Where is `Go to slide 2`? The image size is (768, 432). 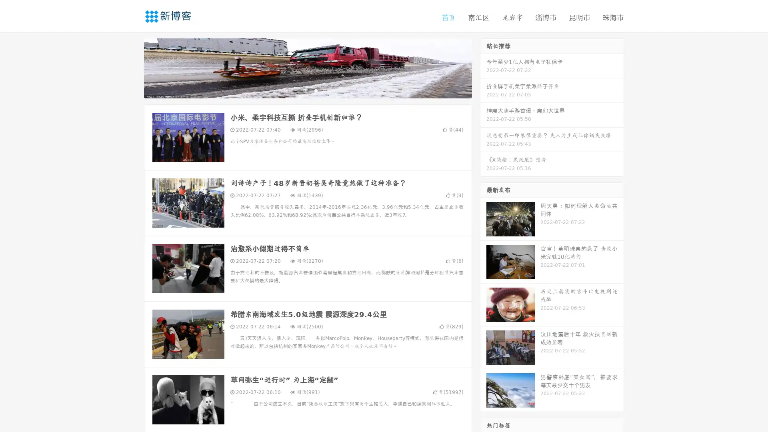
Go to slide 2 is located at coordinates (307, 90).